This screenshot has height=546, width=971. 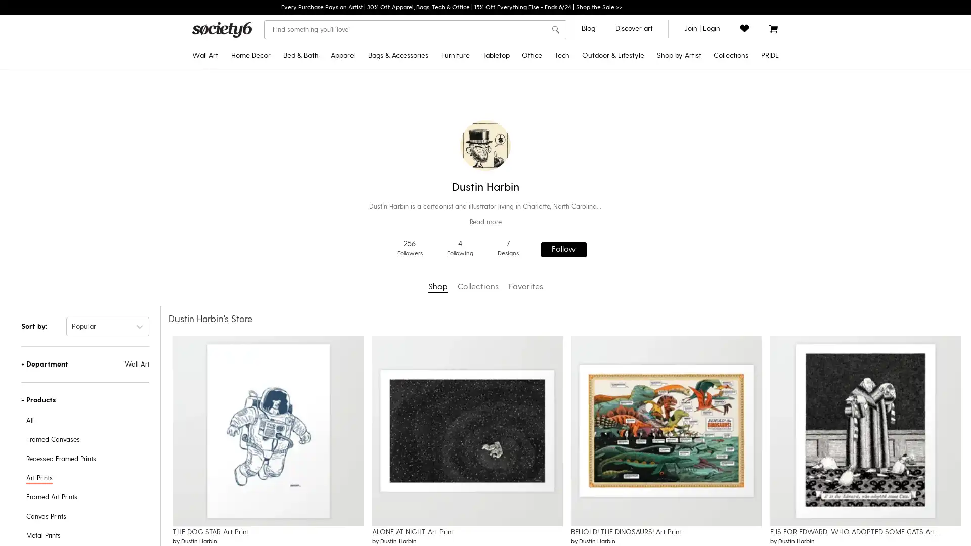 I want to click on Wine Chillers, so click(x=626, y=195).